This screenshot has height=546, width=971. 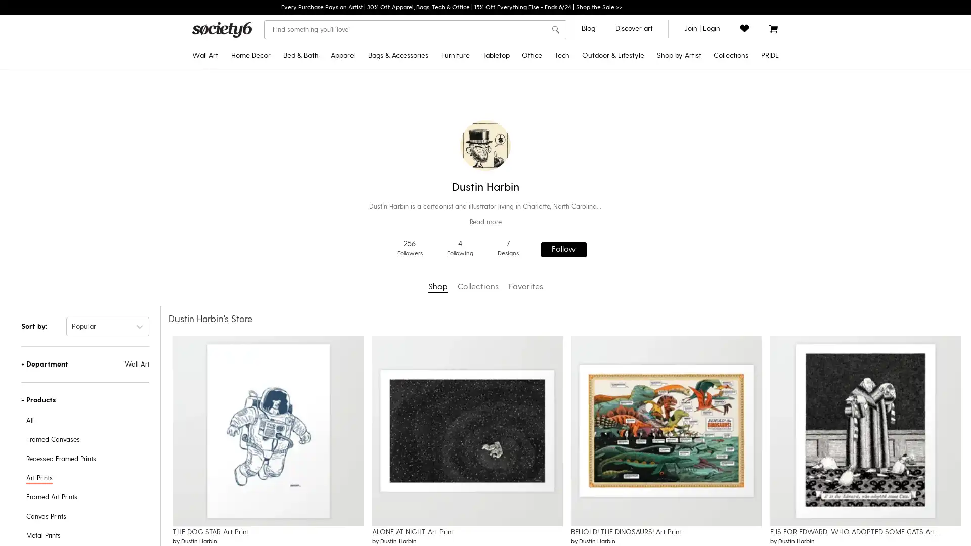 I want to click on Wine Chillers, so click(x=626, y=195).